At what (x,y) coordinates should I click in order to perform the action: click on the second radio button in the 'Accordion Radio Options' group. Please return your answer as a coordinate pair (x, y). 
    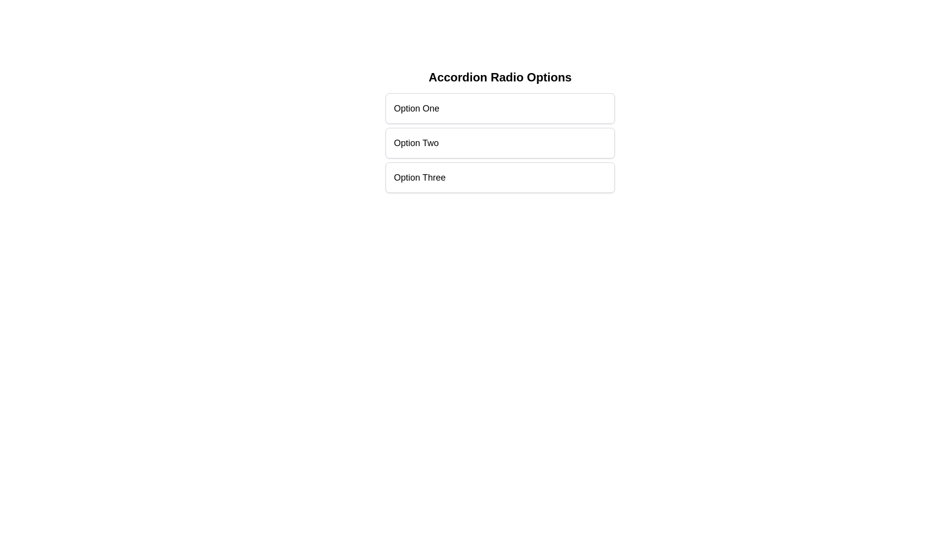
    Looking at the image, I should click on (500, 143).